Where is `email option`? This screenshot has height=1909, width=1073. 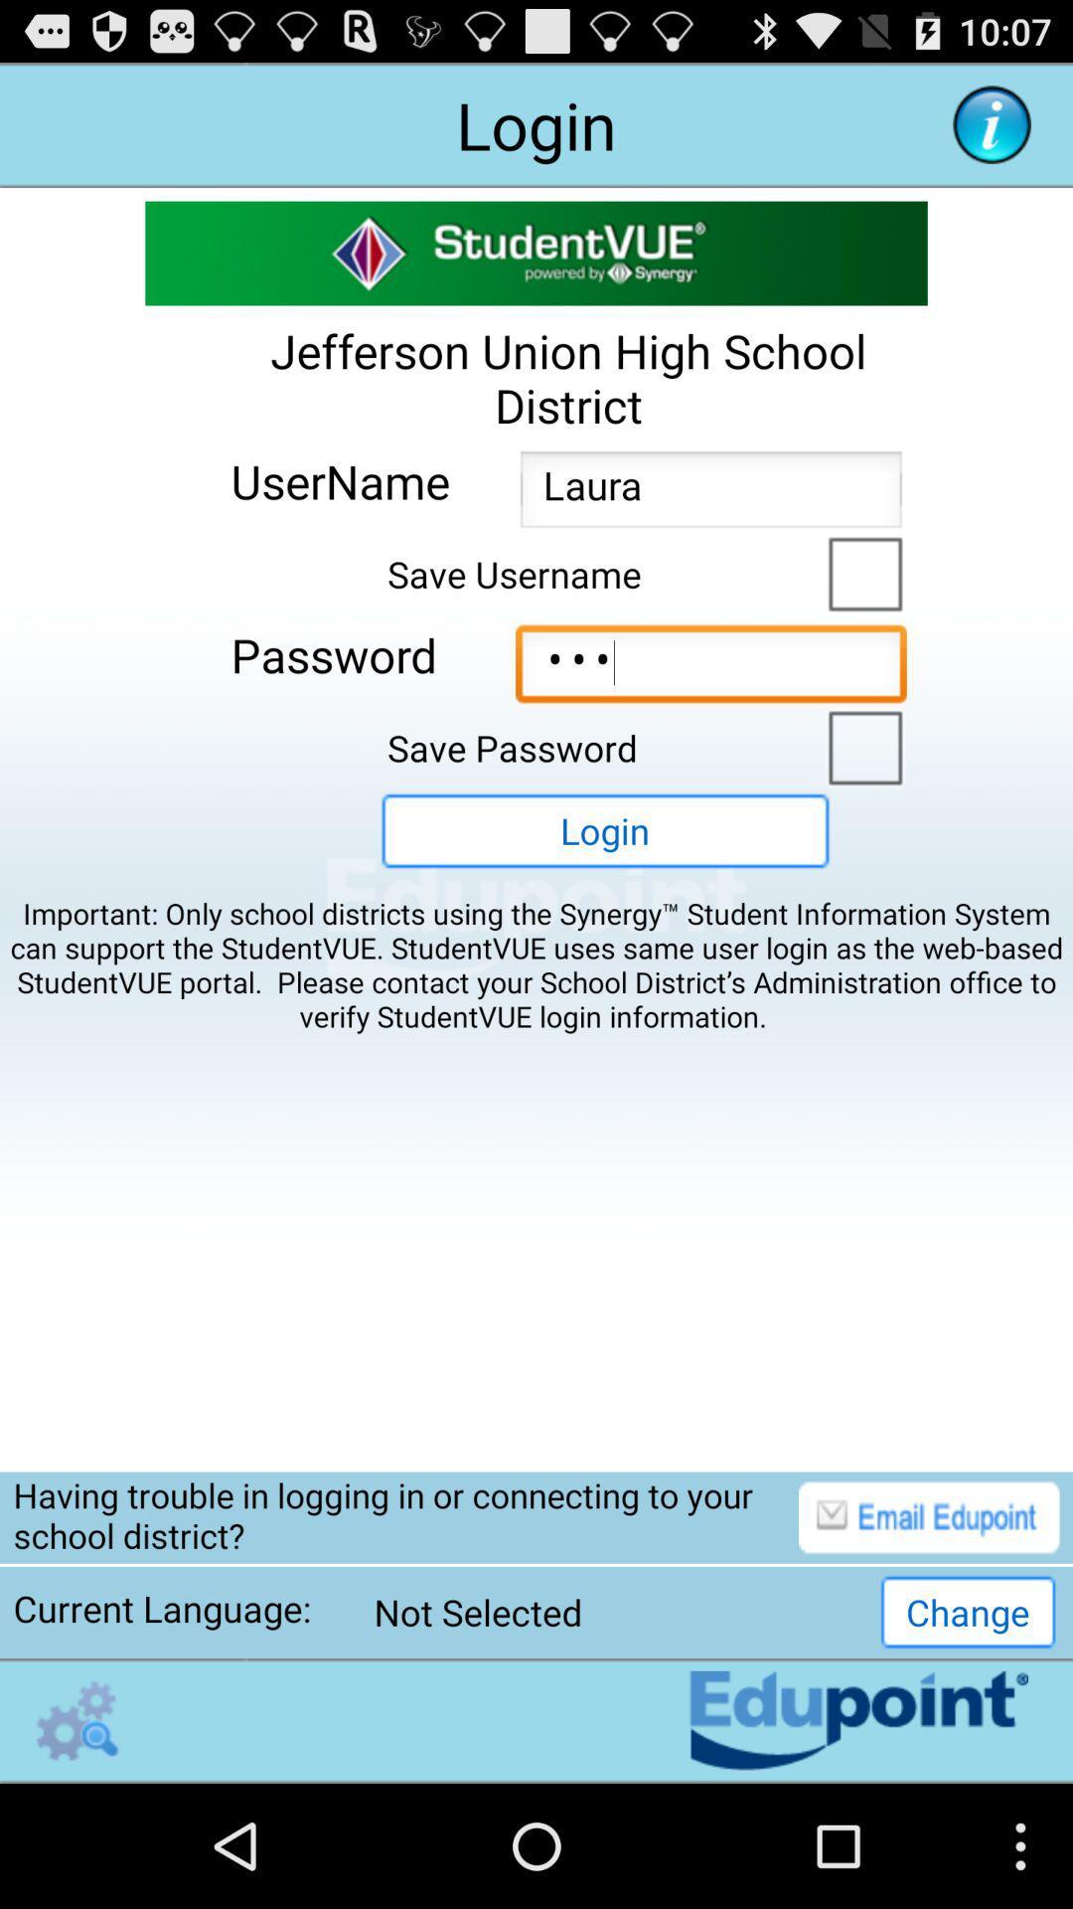
email option is located at coordinates (929, 1516).